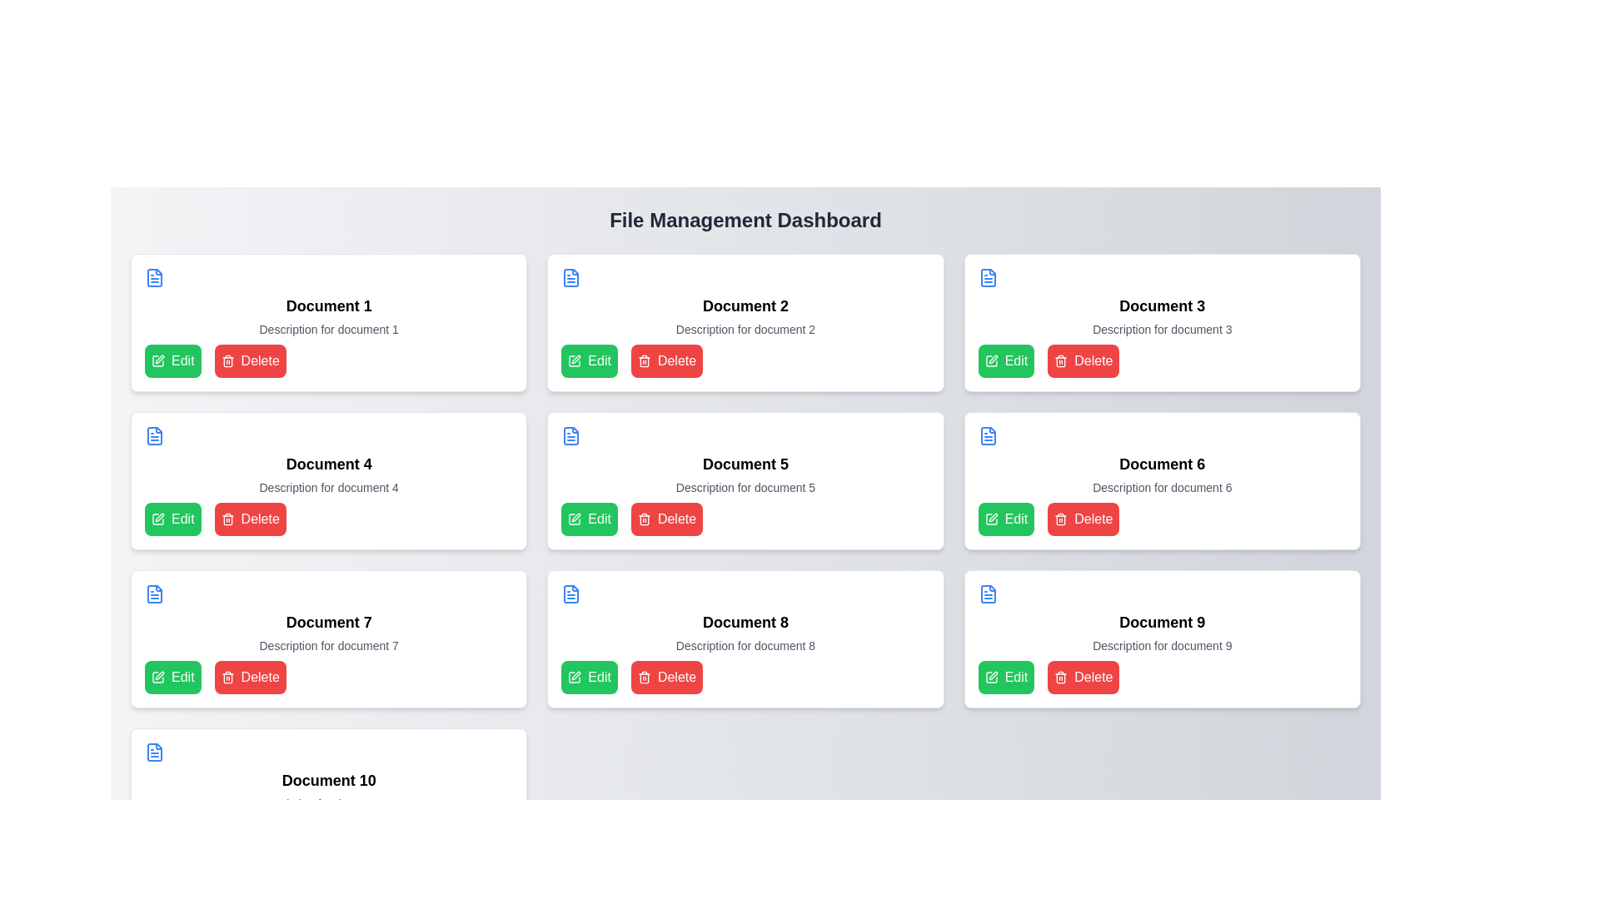 The width and height of the screenshot is (1599, 899). I want to click on the graphical icon element representing 'Document 10', located in the top-left corner of its card, which includes a red badge, so click(155, 752).